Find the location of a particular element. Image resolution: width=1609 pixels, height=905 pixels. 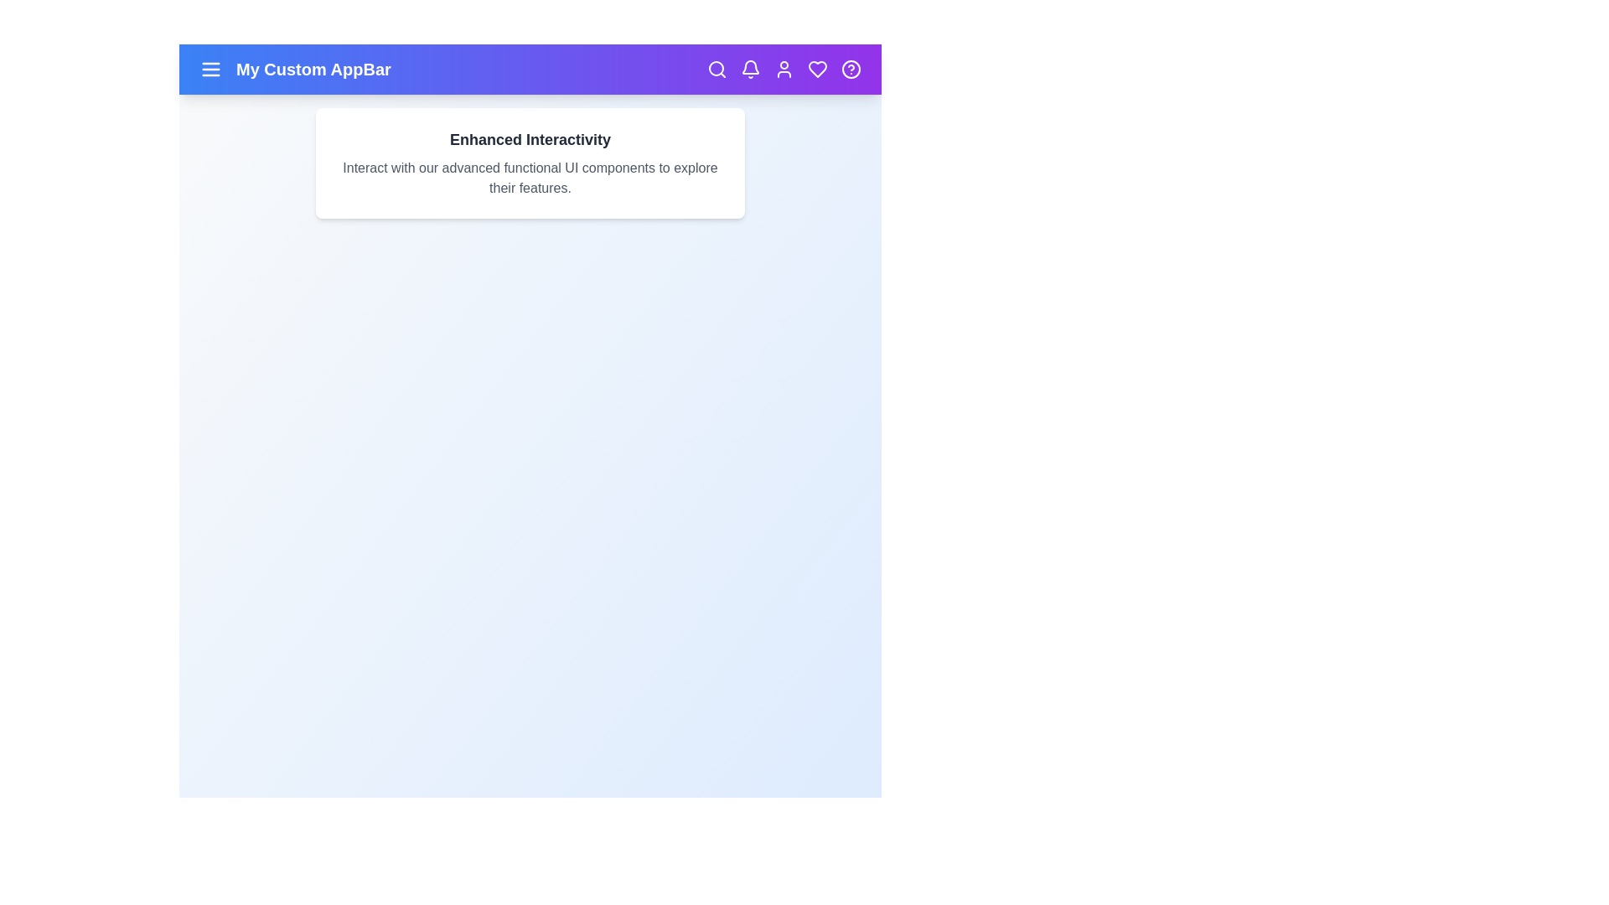

the user icon to access user options is located at coordinates (784, 69).